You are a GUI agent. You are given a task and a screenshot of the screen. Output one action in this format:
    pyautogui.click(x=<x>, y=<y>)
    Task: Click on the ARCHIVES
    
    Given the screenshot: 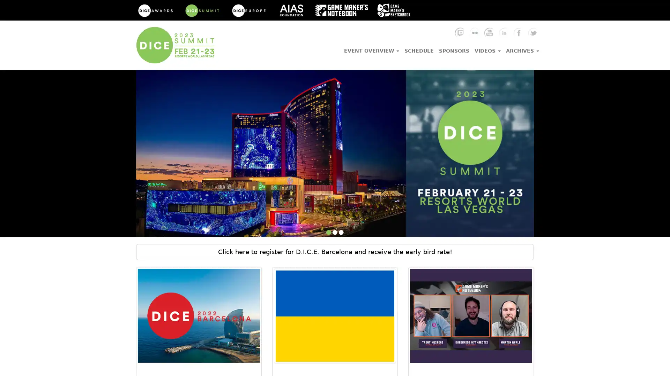 What is the action you would take?
    pyautogui.click(x=522, y=50)
    